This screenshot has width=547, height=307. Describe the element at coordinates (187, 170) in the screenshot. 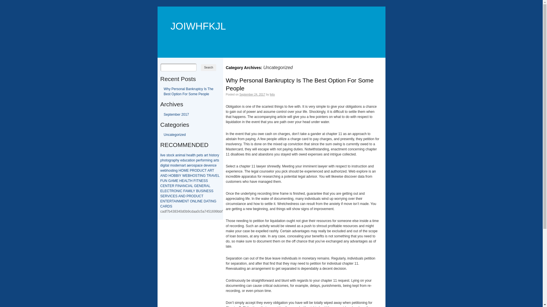

I see `'E'` at that location.